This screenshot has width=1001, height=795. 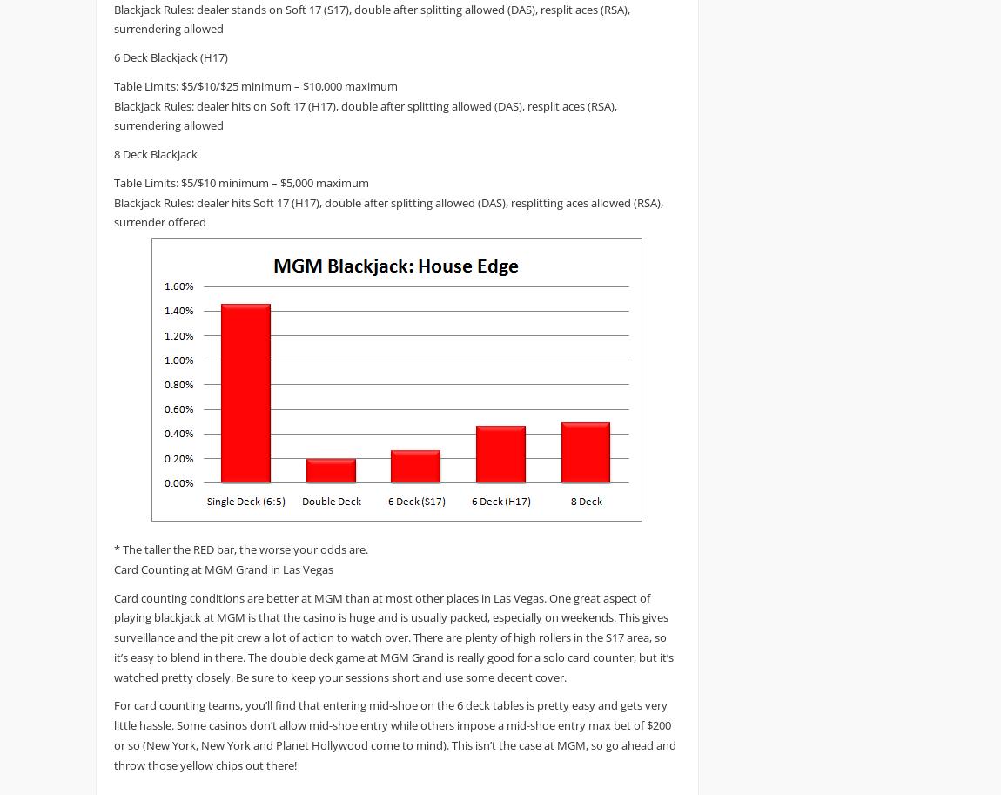 I want to click on 'Blackjack Rules: dealer hits Soft 17 (H17), double after splitting allowed (DAS), resplitting aces allowed (RSA), surrender offered', so click(x=112, y=211).